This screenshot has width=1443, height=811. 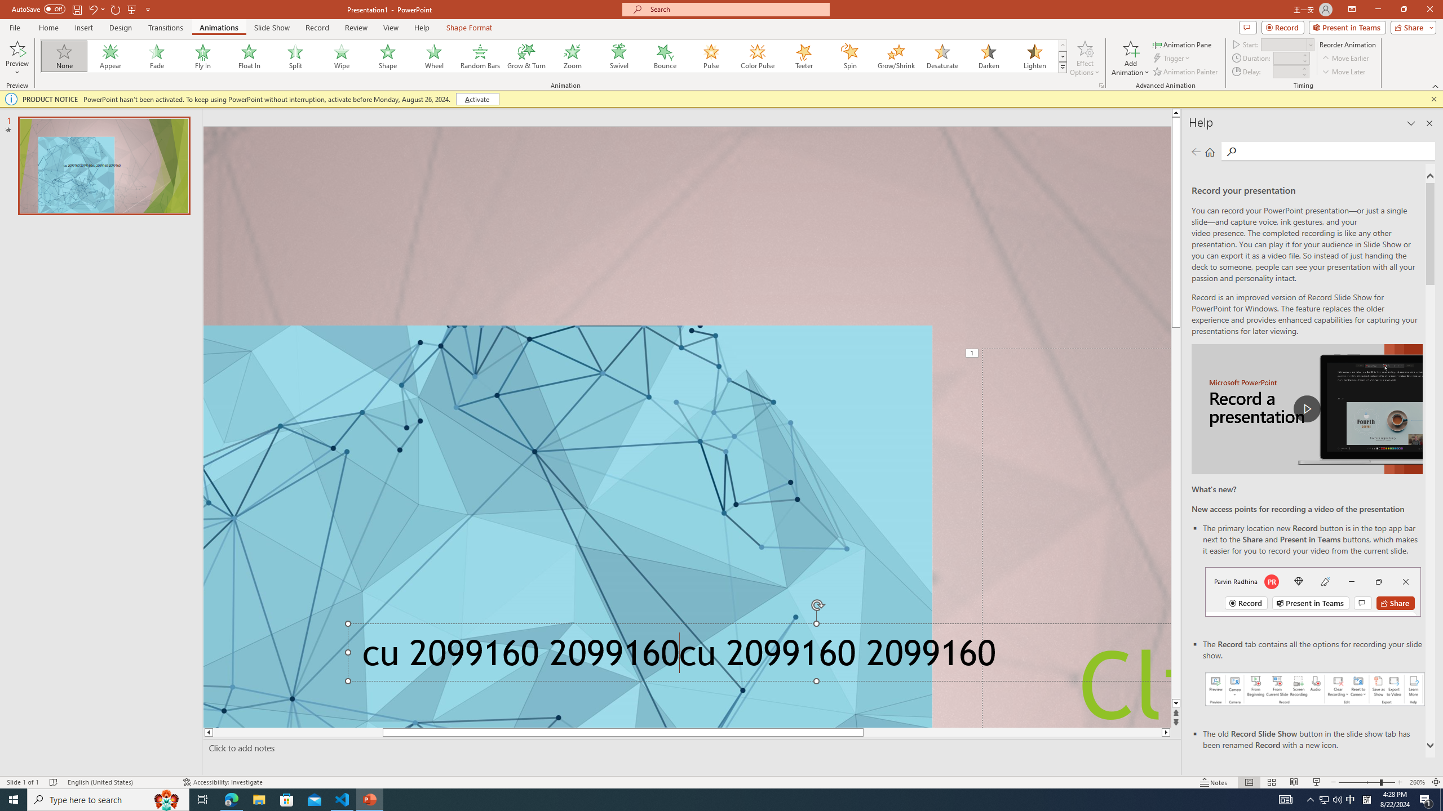 What do you see at coordinates (342, 56) in the screenshot?
I see `'Wipe'` at bounding box center [342, 56].